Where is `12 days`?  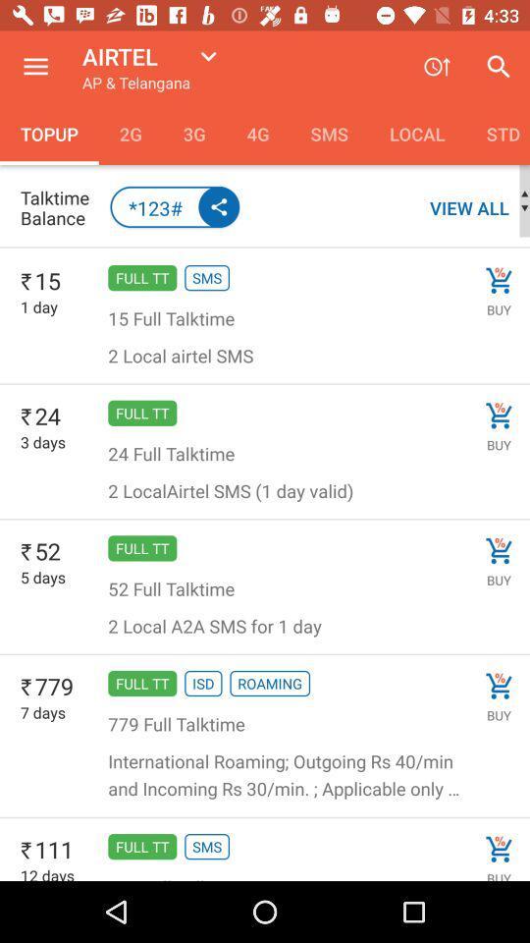 12 days is located at coordinates (47, 871).